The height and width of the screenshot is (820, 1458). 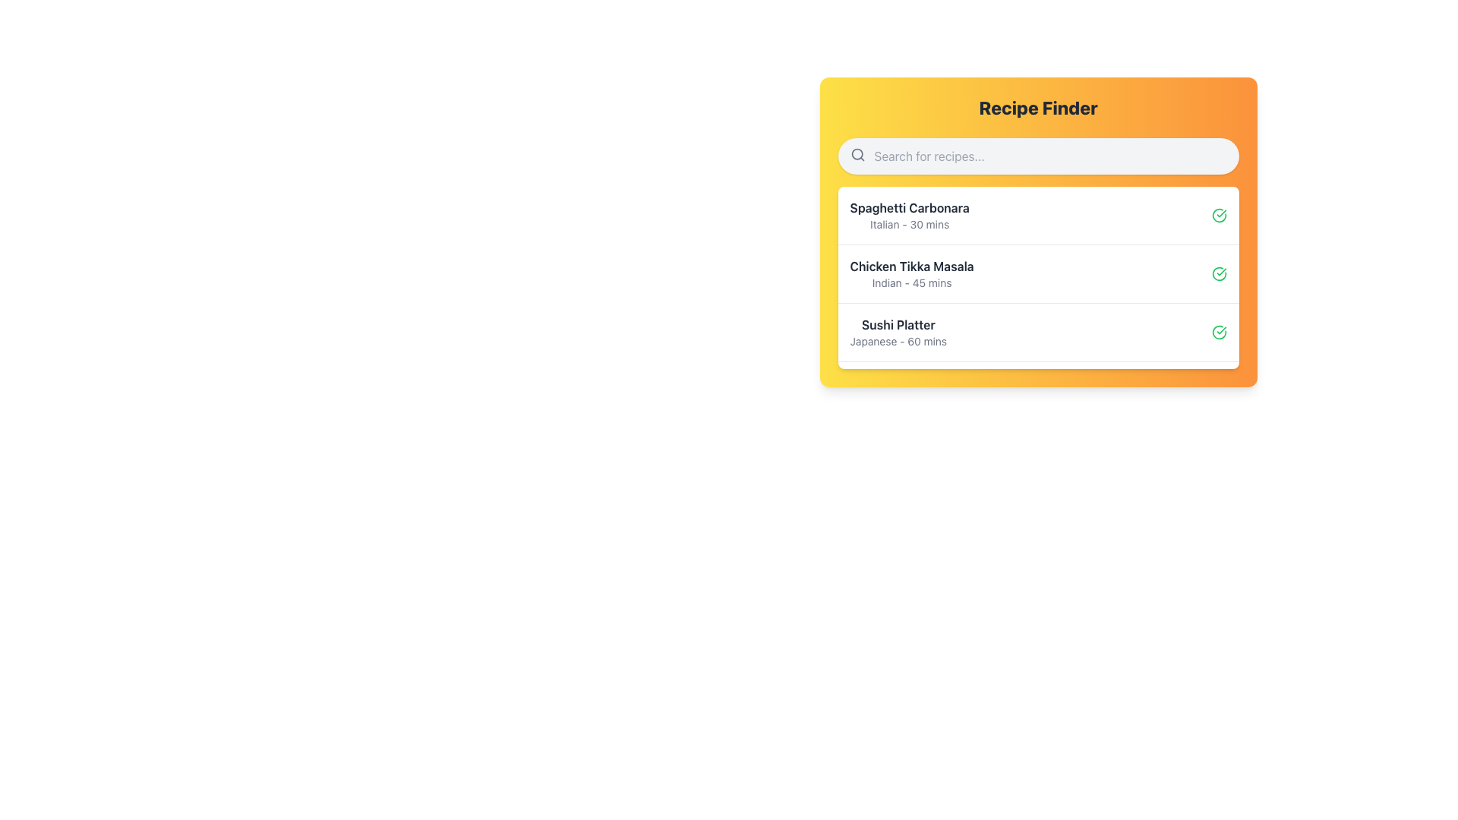 What do you see at coordinates (857, 155) in the screenshot?
I see `the search icon that serves as a visual indicator for the search functionality, positioned at the leftmost side of the input field` at bounding box center [857, 155].